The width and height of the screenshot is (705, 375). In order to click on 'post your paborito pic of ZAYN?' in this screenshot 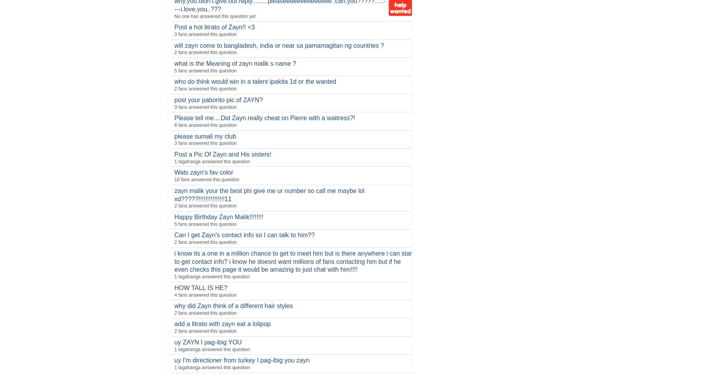, I will do `click(219, 99)`.